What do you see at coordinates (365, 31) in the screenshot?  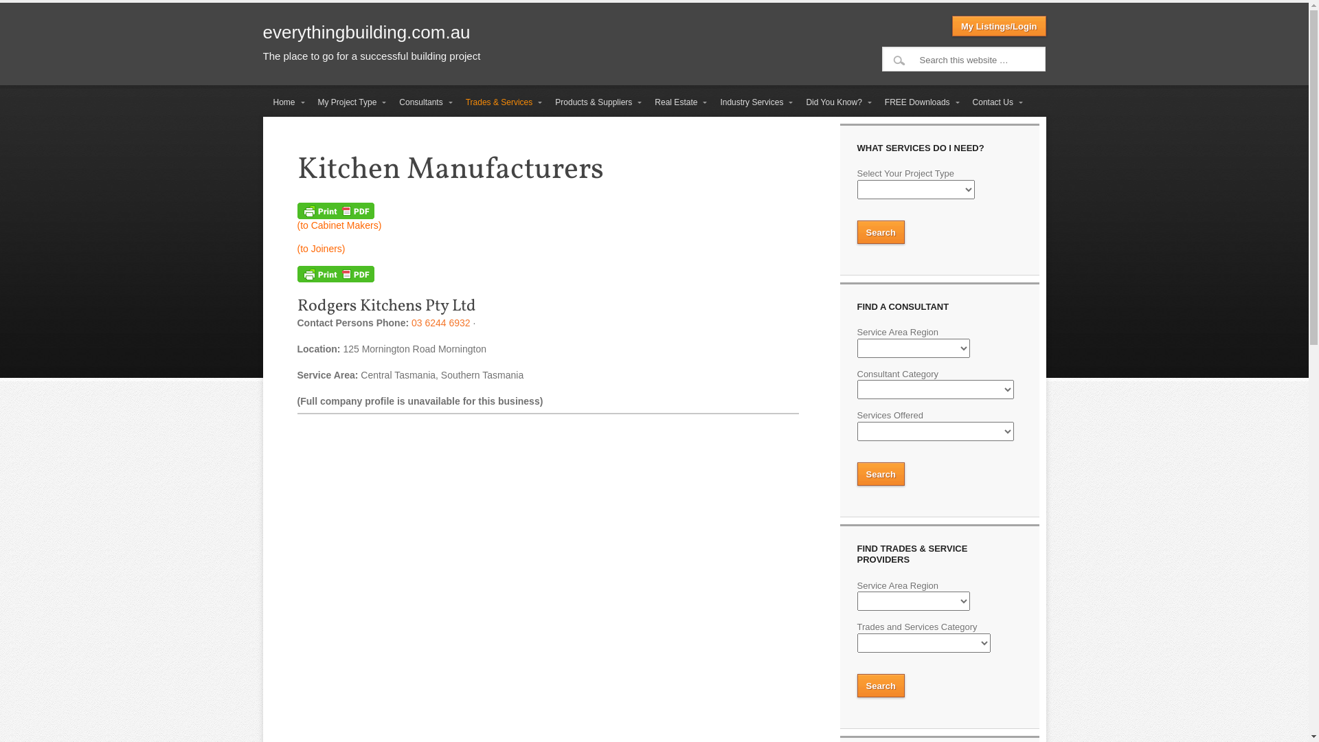 I see `'everythingbuilding.com.au'` at bounding box center [365, 31].